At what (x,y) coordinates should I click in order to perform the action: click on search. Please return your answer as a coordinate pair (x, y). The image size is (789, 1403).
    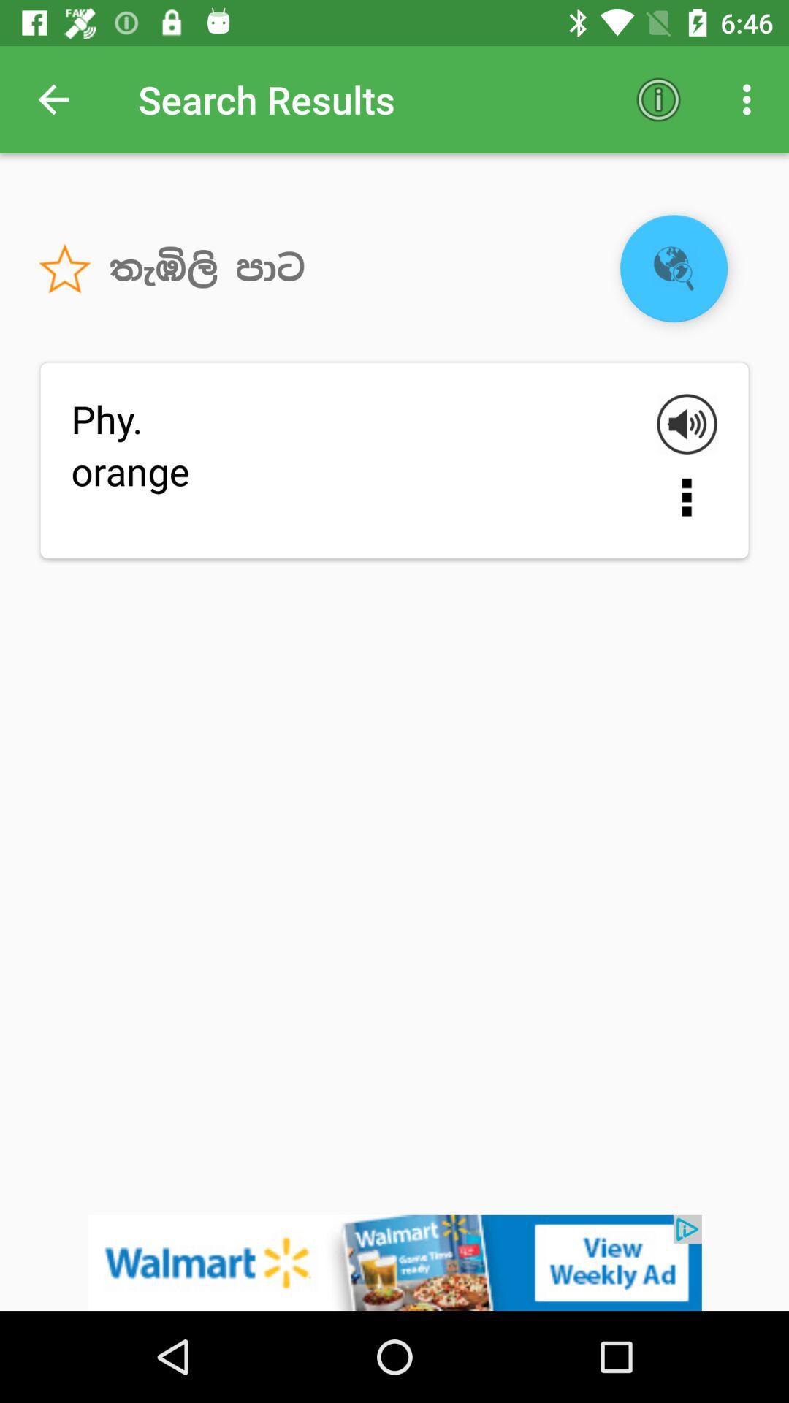
    Looking at the image, I should click on (674, 268).